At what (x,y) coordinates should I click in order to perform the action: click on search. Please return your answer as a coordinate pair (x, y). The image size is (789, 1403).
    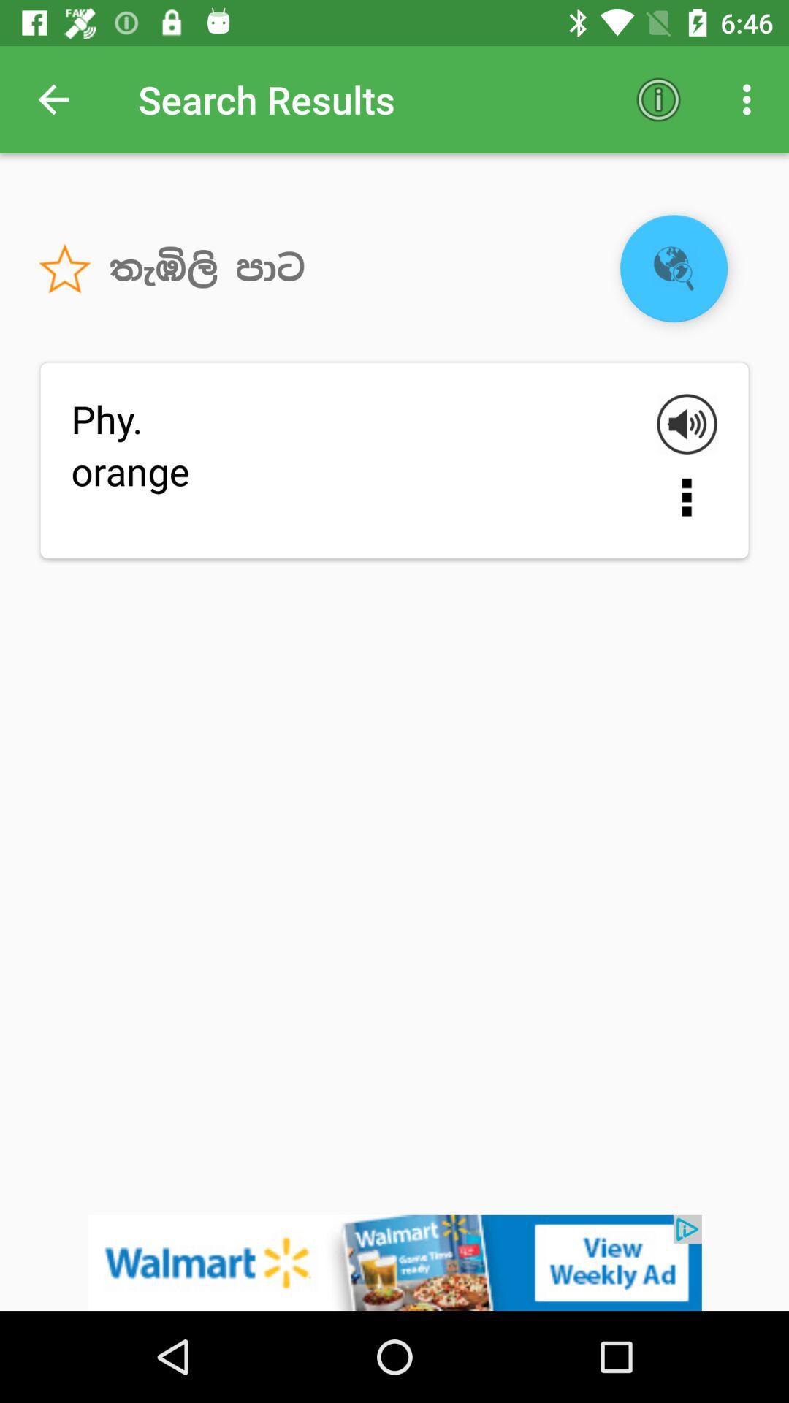
    Looking at the image, I should click on (674, 268).